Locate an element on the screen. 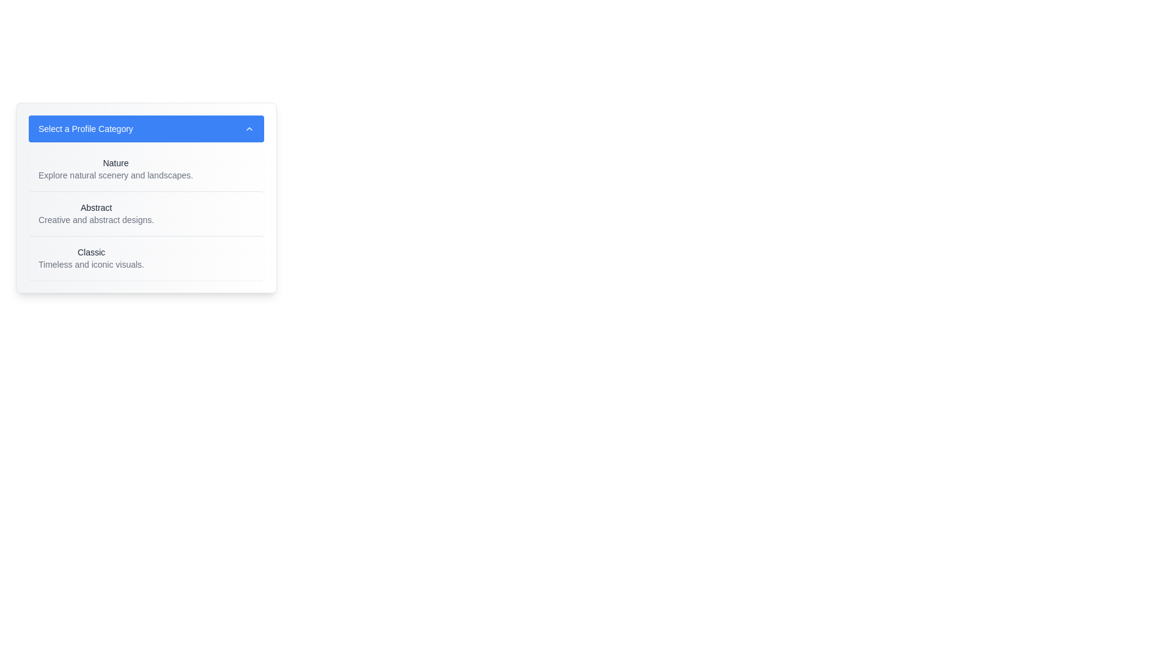 The height and width of the screenshot is (660, 1174). the Text label that indicates the purpose of the dropdown menu, located near the center-top of the dropdown header with a blue background, positioned to the left of the chevron indicator is located at coordinates (85, 129).